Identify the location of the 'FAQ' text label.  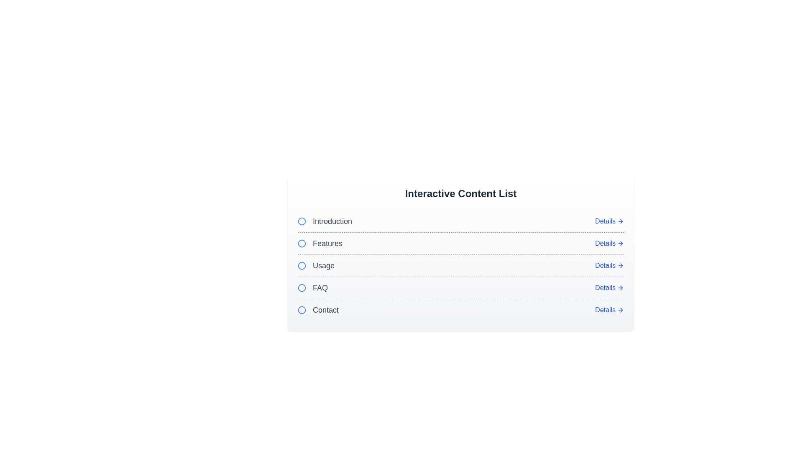
(312, 287).